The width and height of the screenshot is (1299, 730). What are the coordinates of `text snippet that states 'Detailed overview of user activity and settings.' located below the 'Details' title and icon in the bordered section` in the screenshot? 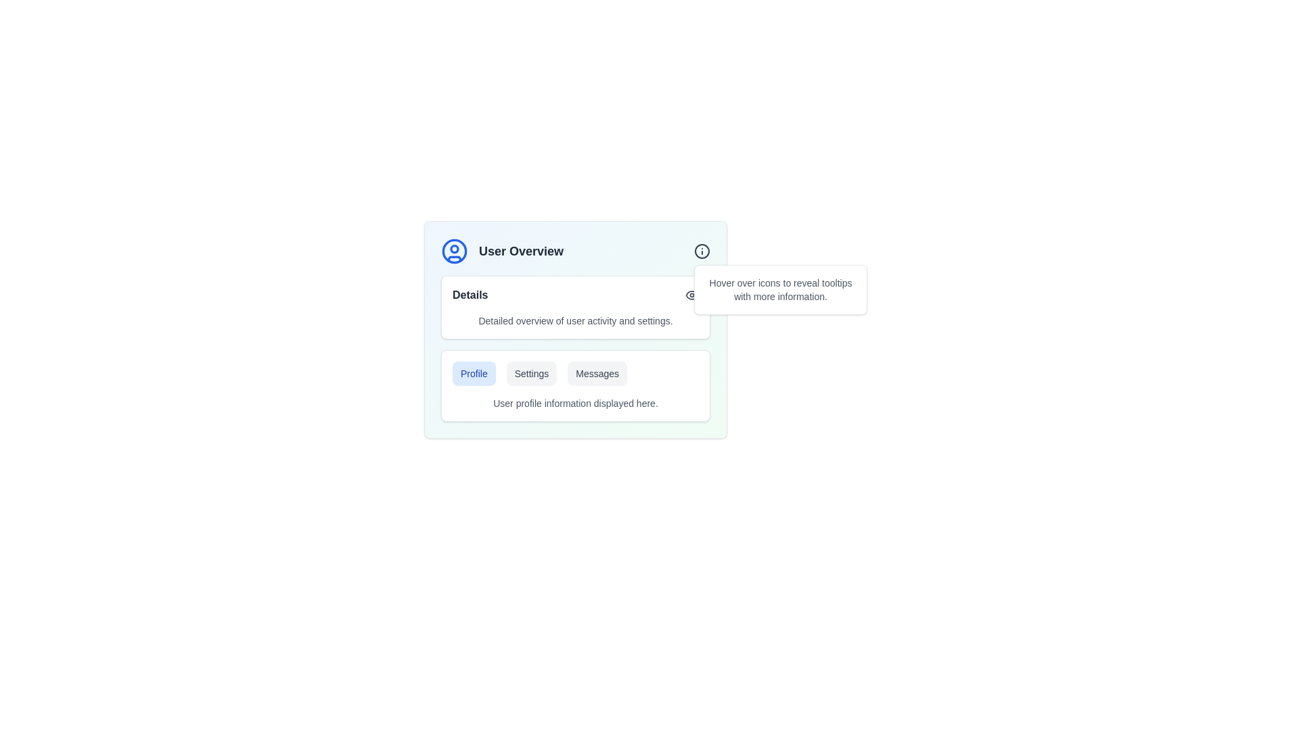 It's located at (575, 320).